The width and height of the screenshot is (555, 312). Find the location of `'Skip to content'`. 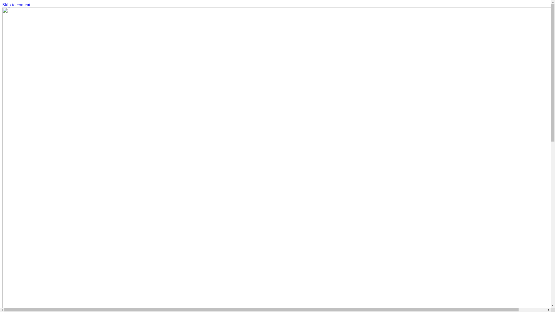

'Skip to content' is located at coordinates (16, 5).